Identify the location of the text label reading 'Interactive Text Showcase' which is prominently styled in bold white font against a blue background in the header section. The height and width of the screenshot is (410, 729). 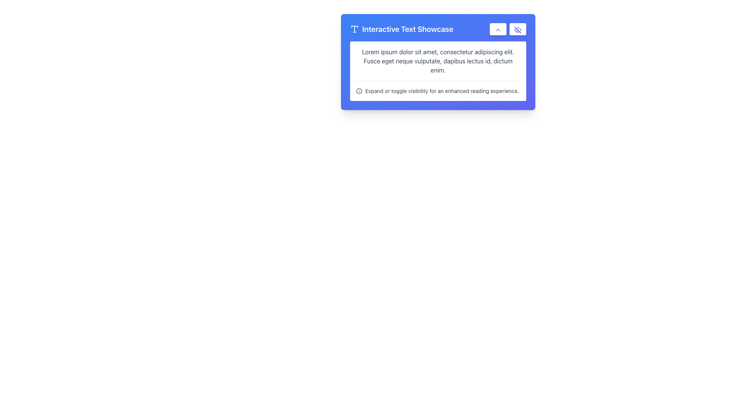
(401, 29).